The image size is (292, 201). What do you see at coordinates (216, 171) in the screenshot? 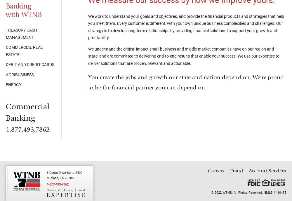
I see `'Careers'` at bounding box center [216, 171].